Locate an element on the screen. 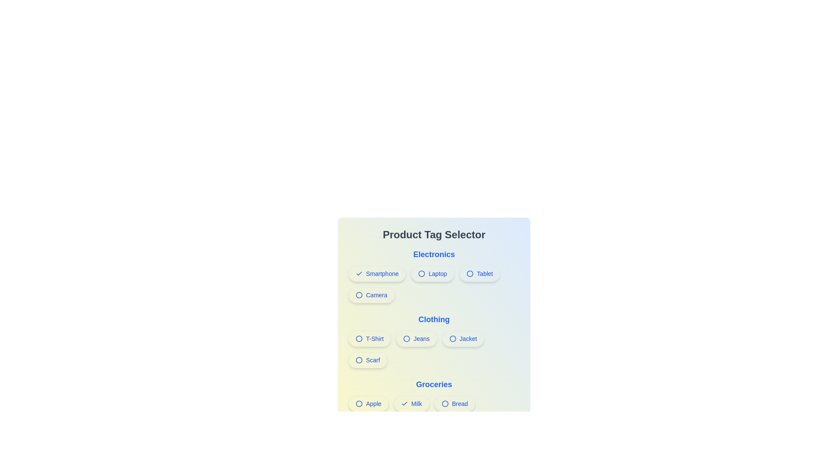  the SVG graphical element (circle) that indicates the selection state of the 'Laptop' option within the 'Electronics' category is located at coordinates (422, 274).